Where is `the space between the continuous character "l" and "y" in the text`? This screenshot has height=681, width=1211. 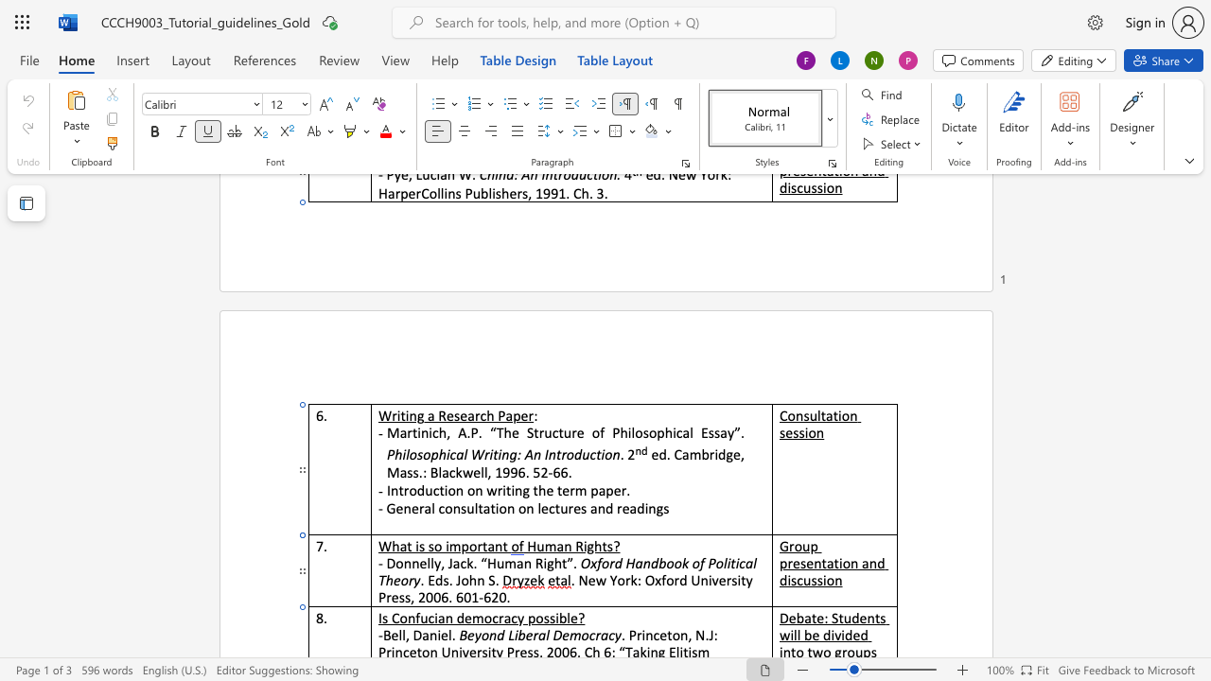 the space between the continuous character "l" and "y" in the text is located at coordinates (433, 562).